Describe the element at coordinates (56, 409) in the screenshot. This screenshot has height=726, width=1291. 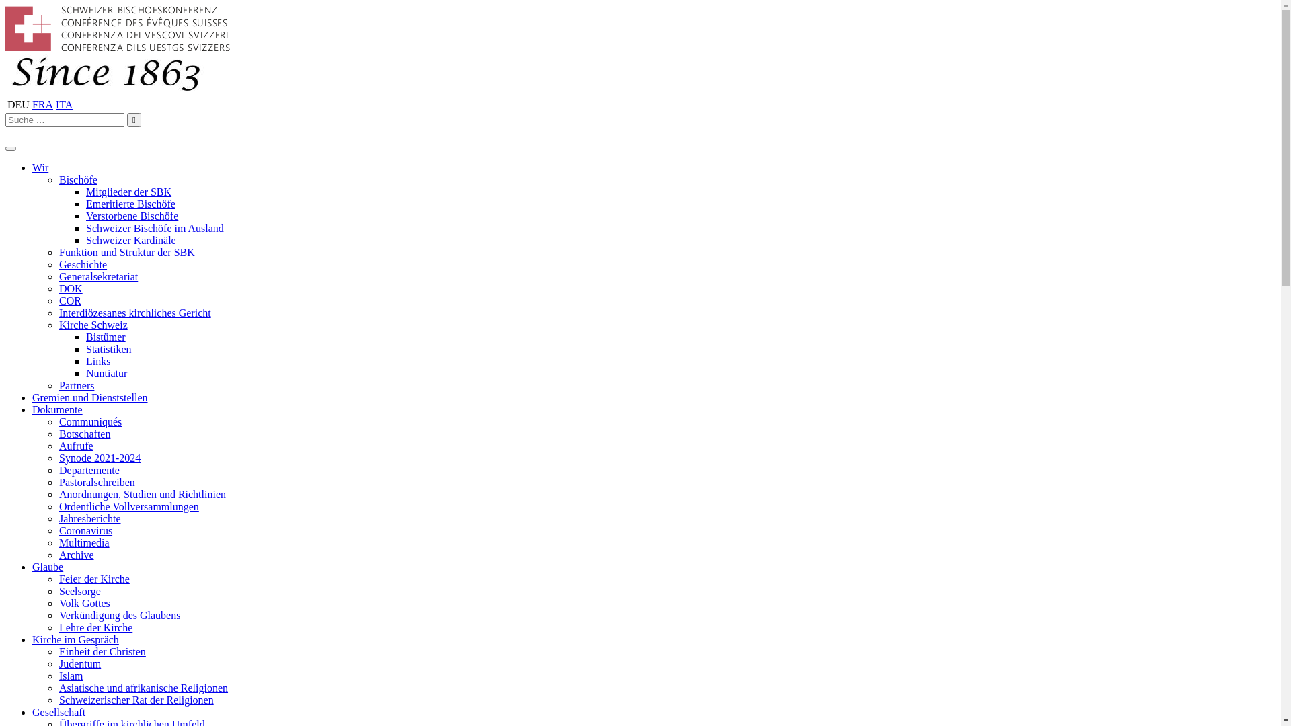
I see `'Dokumente'` at that location.